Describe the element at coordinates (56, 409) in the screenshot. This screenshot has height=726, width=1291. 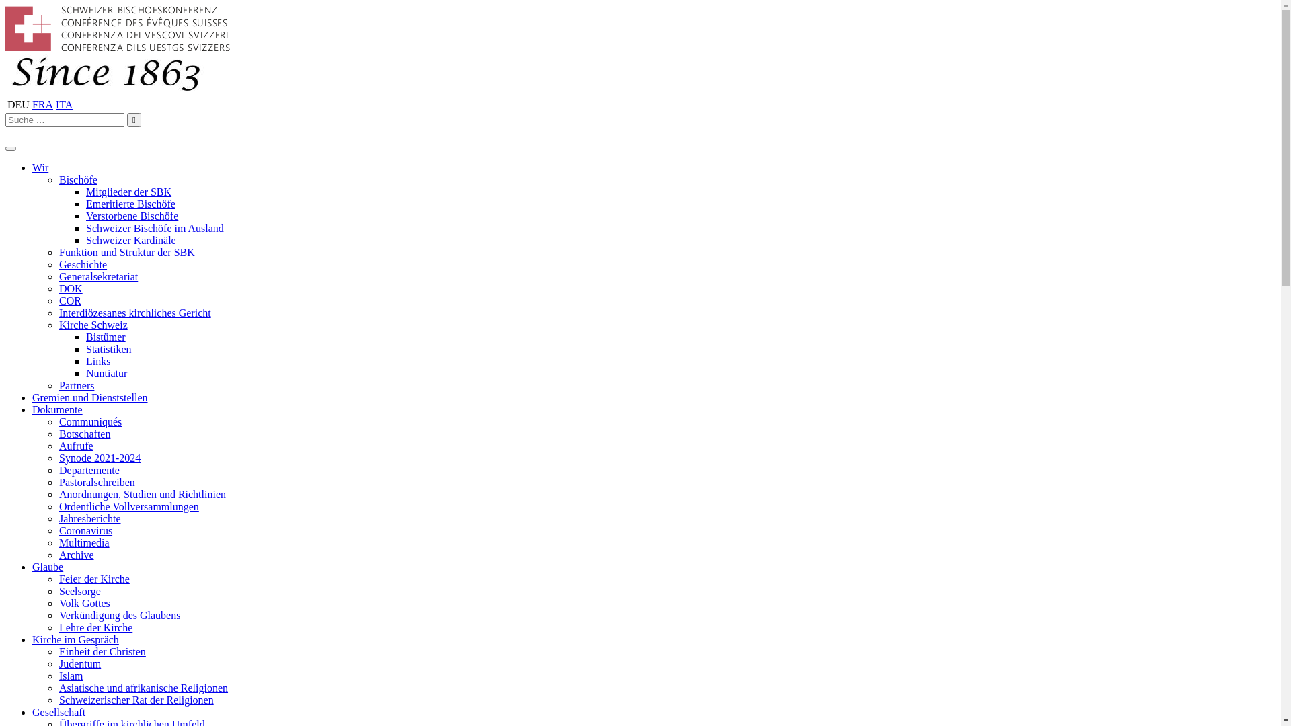
I see `'Dokumente'` at that location.